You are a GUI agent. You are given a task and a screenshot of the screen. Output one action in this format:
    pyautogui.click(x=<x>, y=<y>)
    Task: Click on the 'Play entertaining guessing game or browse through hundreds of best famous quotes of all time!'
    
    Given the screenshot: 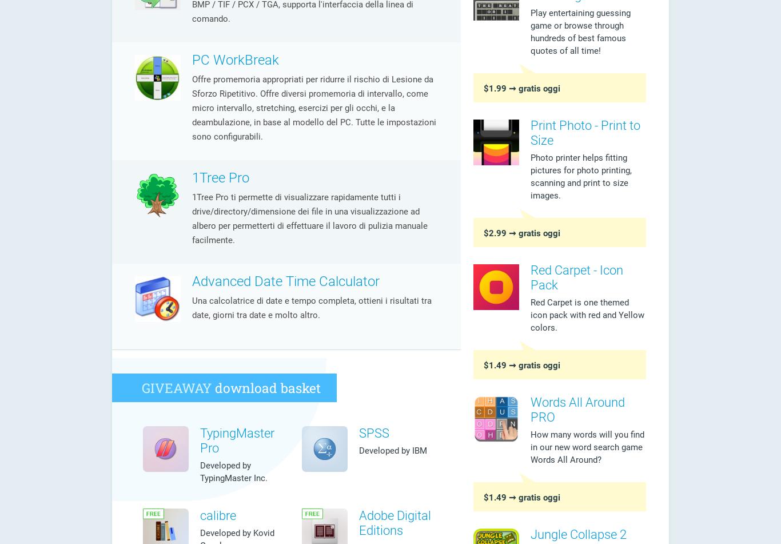 What is the action you would take?
    pyautogui.click(x=580, y=31)
    